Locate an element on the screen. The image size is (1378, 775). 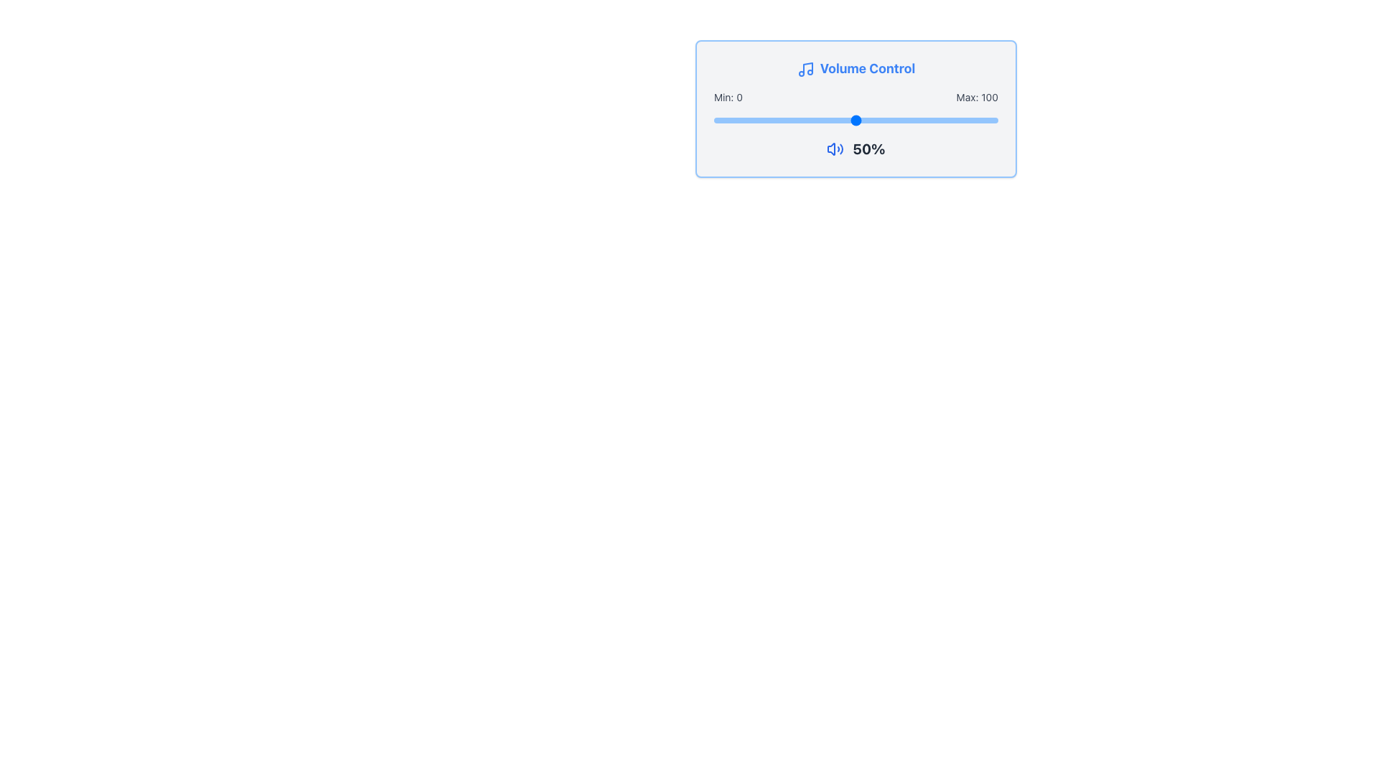
the slider is located at coordinates (919, 120).